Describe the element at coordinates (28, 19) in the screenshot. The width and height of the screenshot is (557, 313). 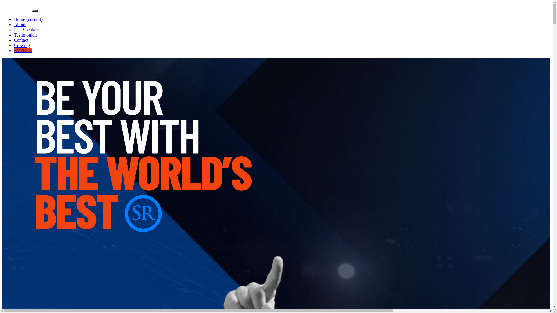
I see `'Home (current)'` at that location.